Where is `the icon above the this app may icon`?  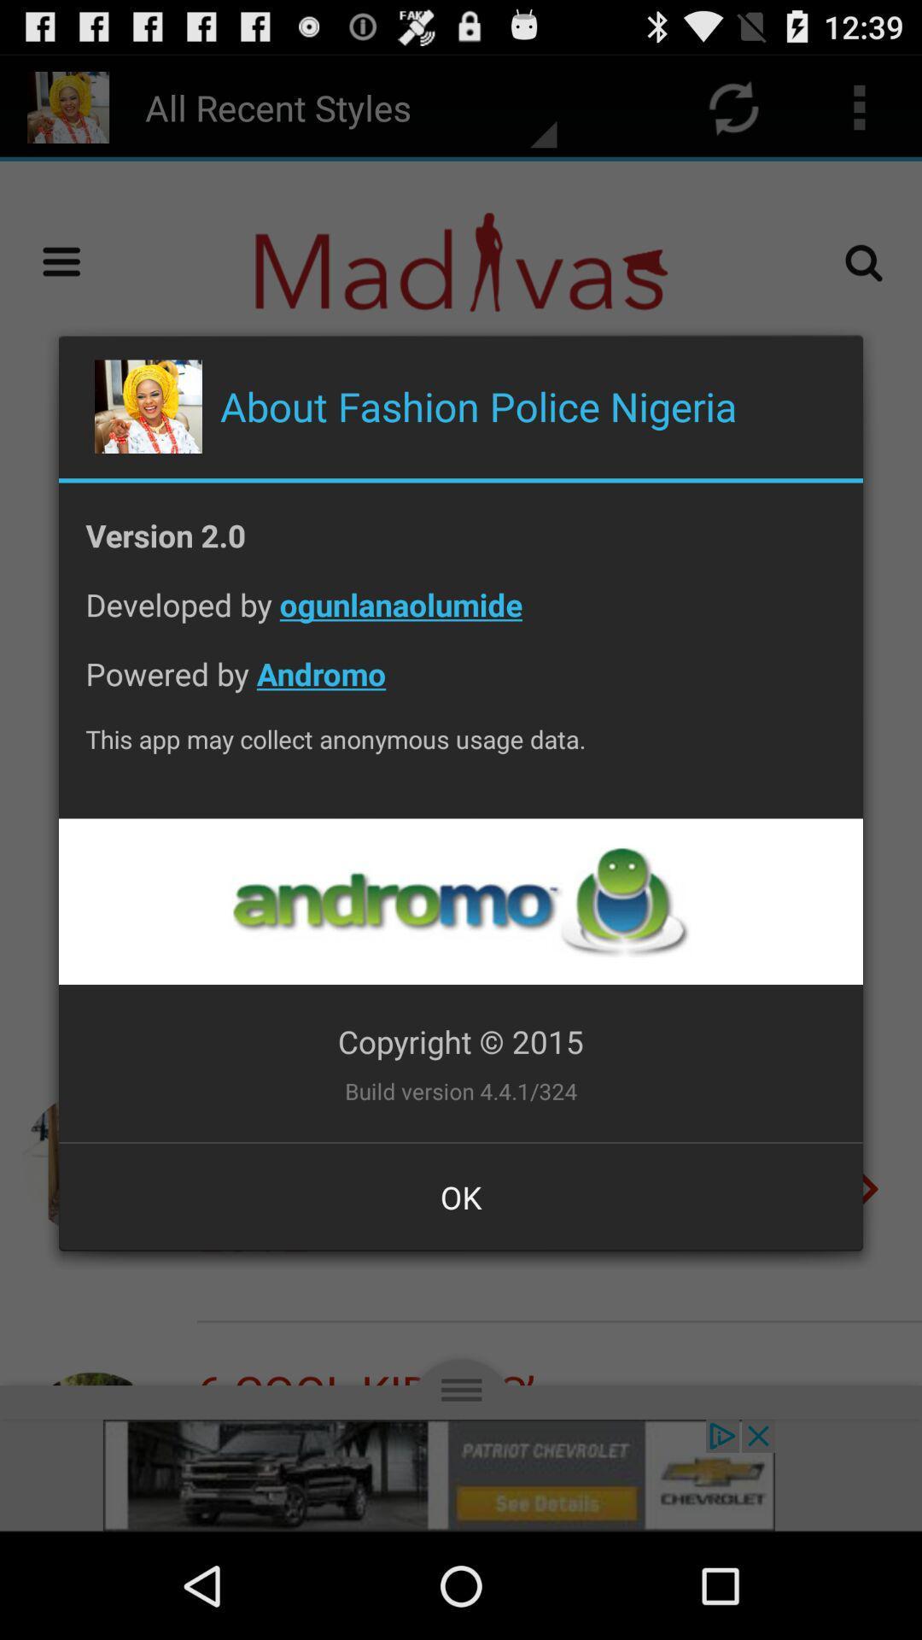
the icon above the this app may icon is located at coordinates (461, 687).